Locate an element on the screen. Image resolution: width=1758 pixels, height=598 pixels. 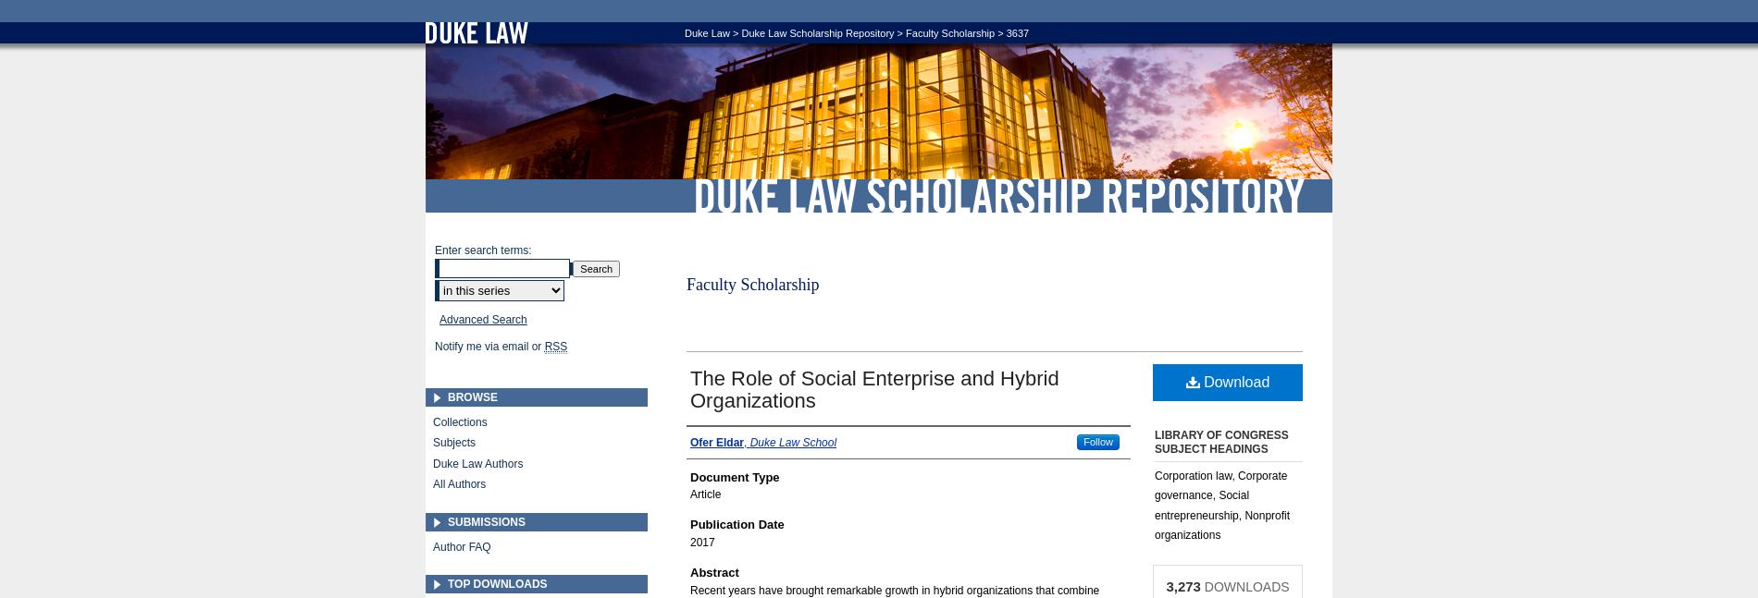
',' is located at coordinates (745, 441).